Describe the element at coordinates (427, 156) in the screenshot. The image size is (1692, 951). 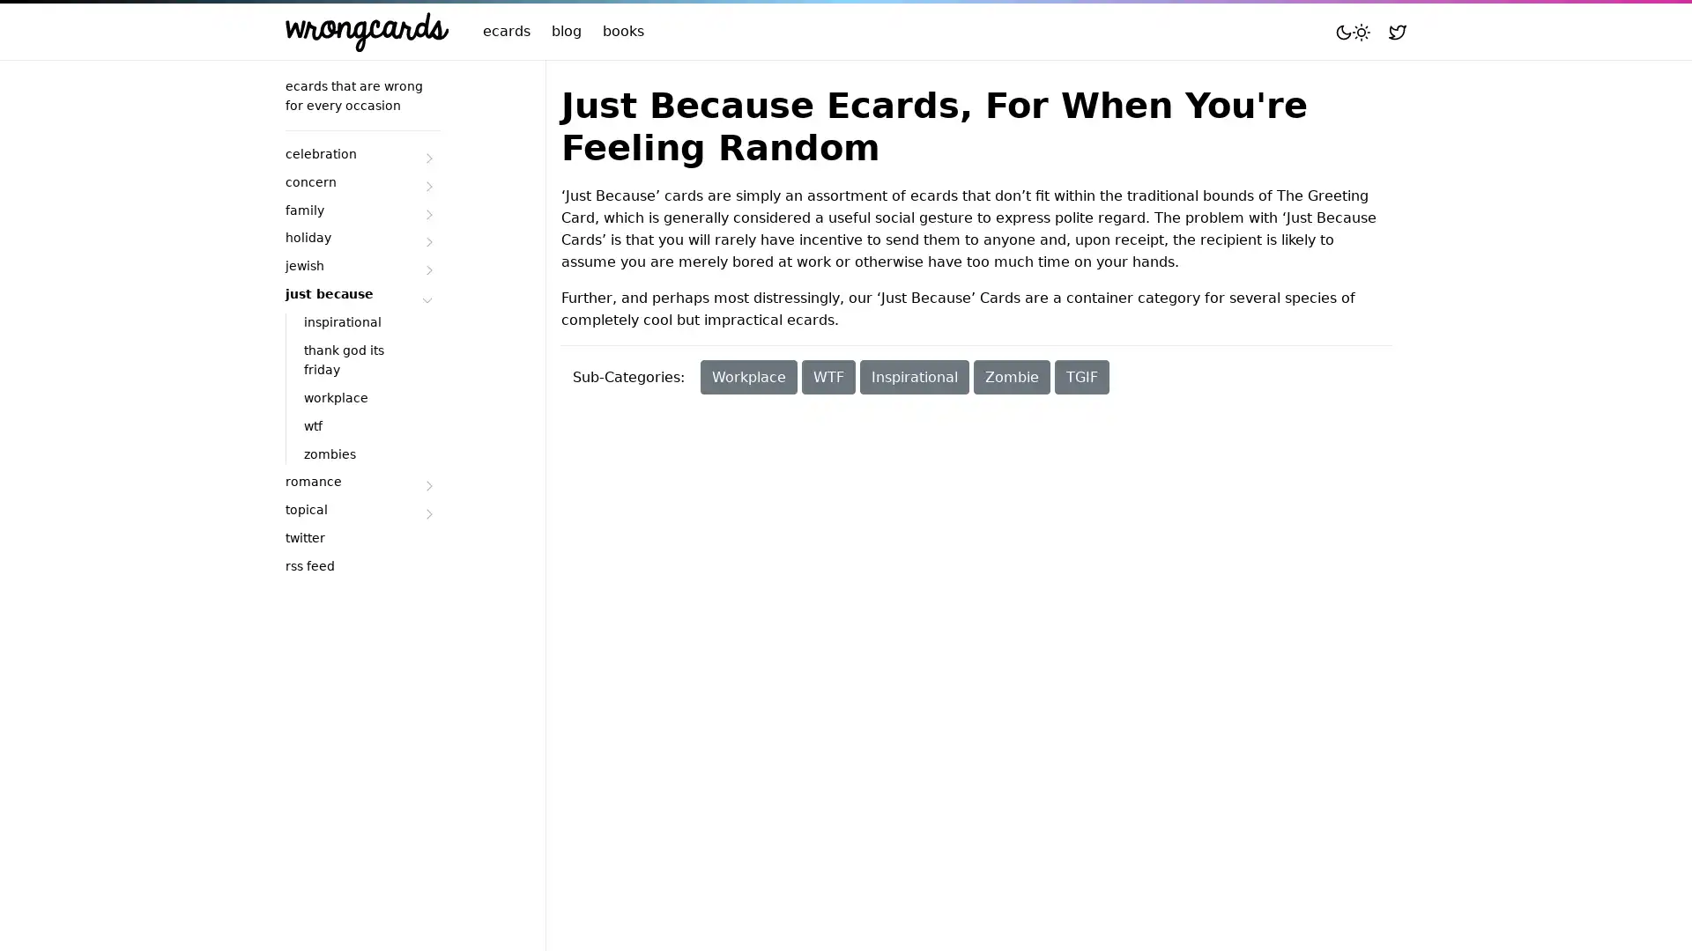
I see `Submenu` at that location.